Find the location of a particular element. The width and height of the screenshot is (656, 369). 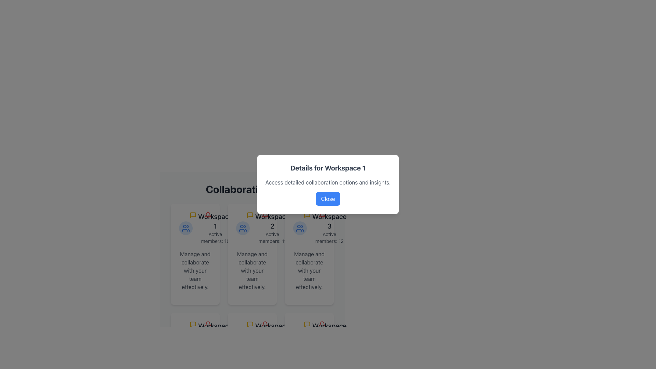

the red bell icon in the Action Icon Group located at the top-right corner of the 'Workspace 4' panel is located at coordinates (200, 324).